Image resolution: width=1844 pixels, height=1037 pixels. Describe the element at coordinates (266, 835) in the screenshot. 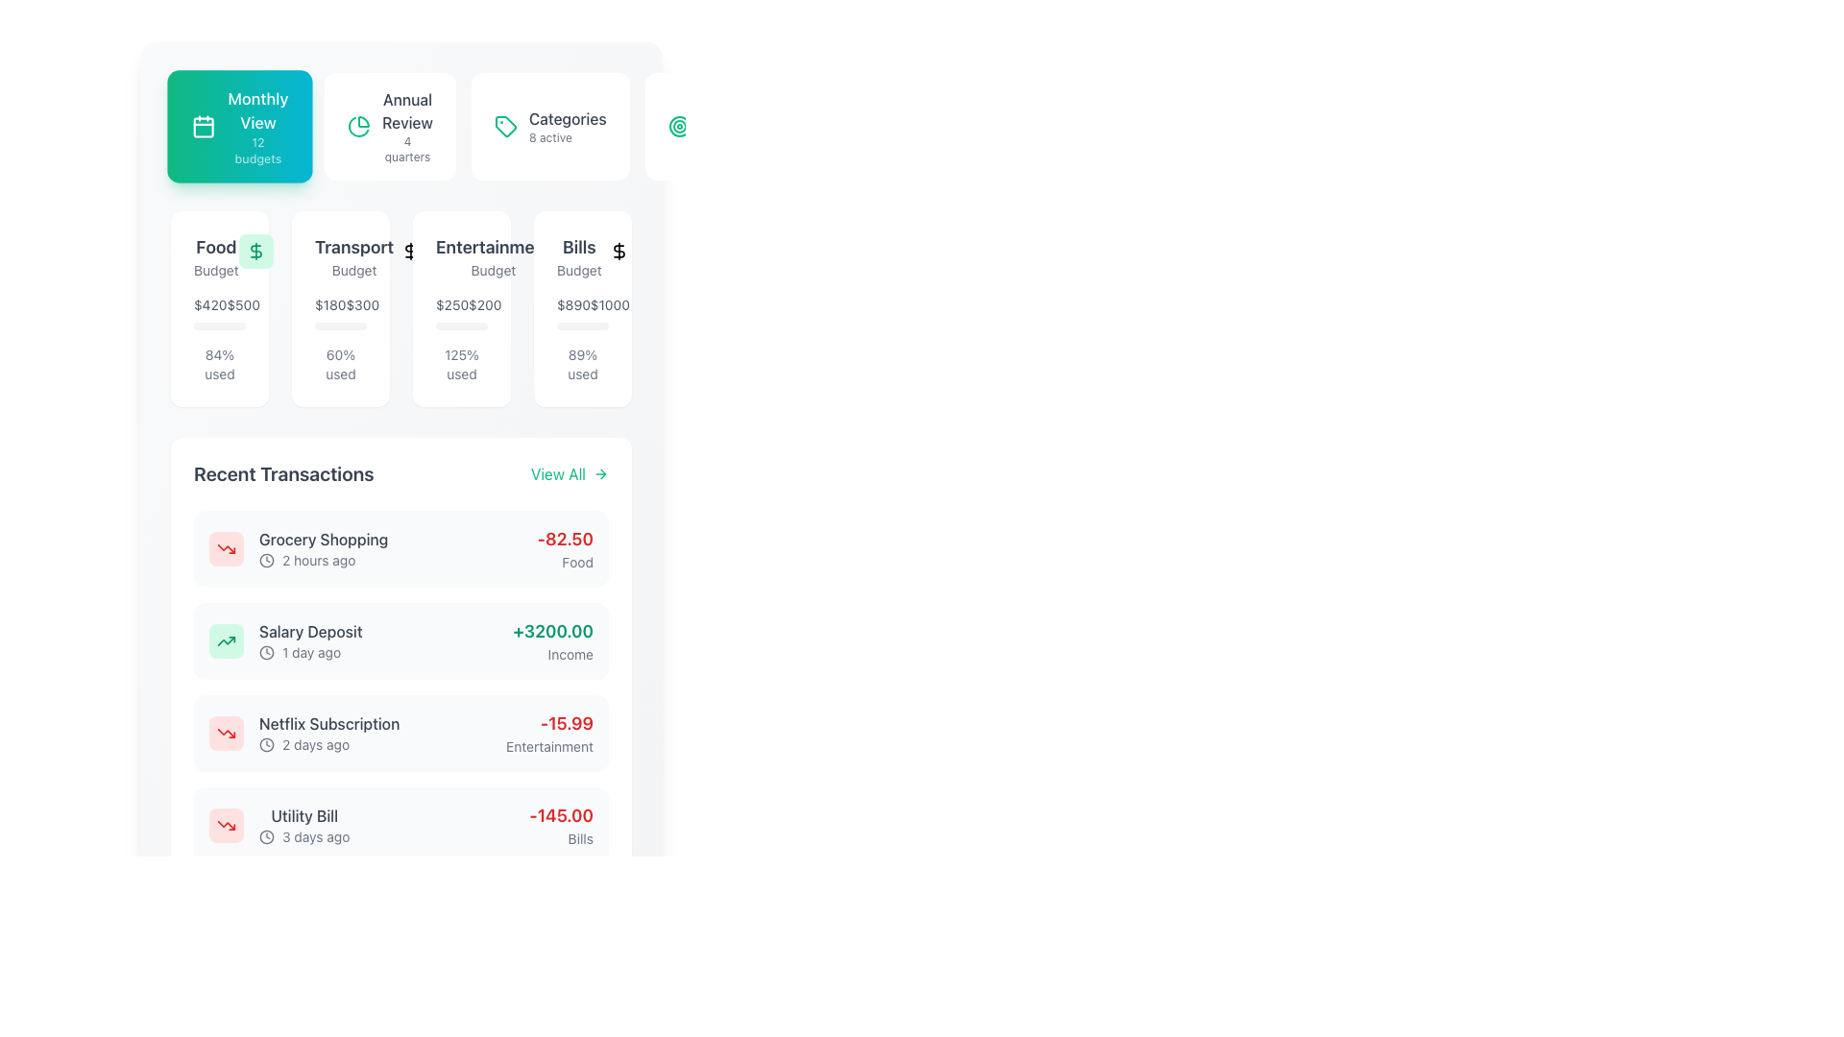

I see `the small clock icon with a circular outline, which is the first among its siblings and located to the left of the '3 days ago' text in the 'Recent Transactions' list under the 'Utility Bill' transaction` at that location.